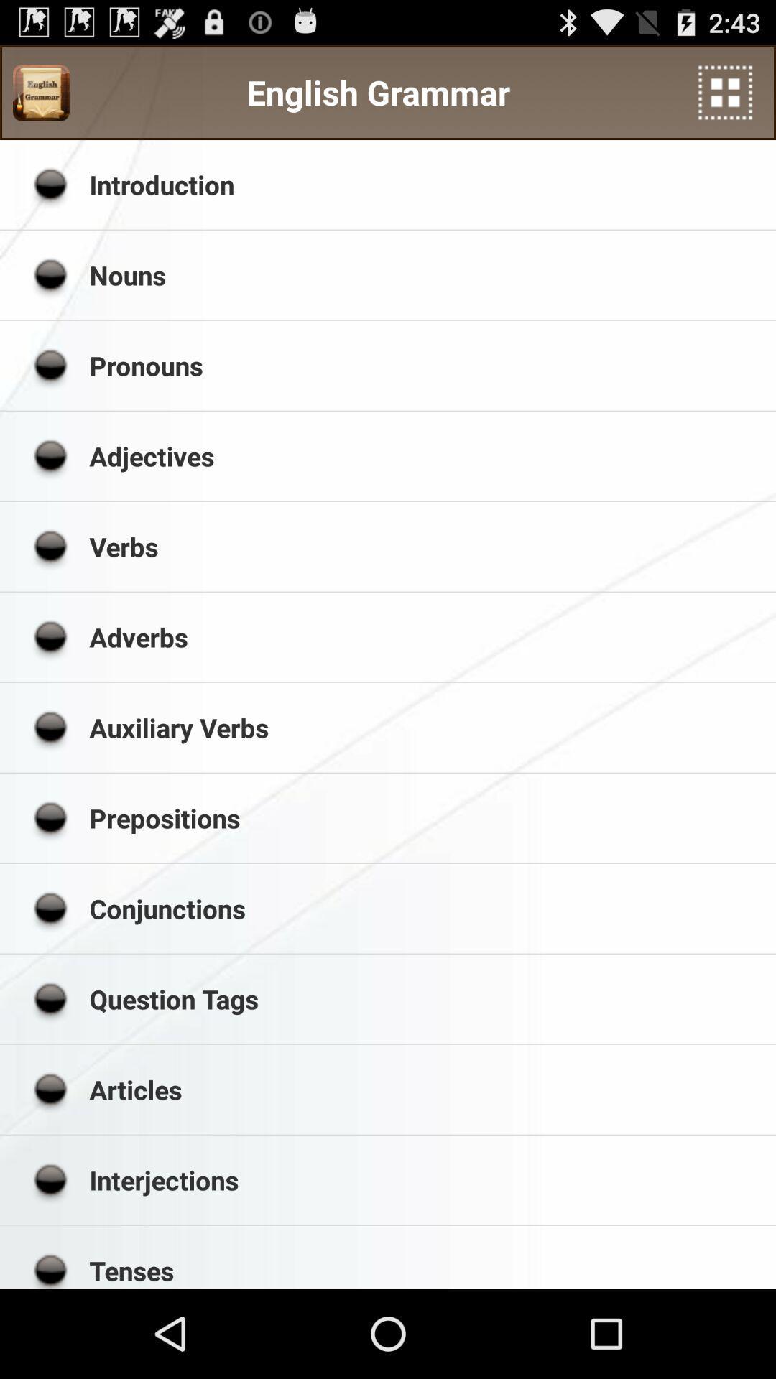  Describe the element at coordinates (427, 275) in the screenshot. I see `icon below the introduction item` at that location.